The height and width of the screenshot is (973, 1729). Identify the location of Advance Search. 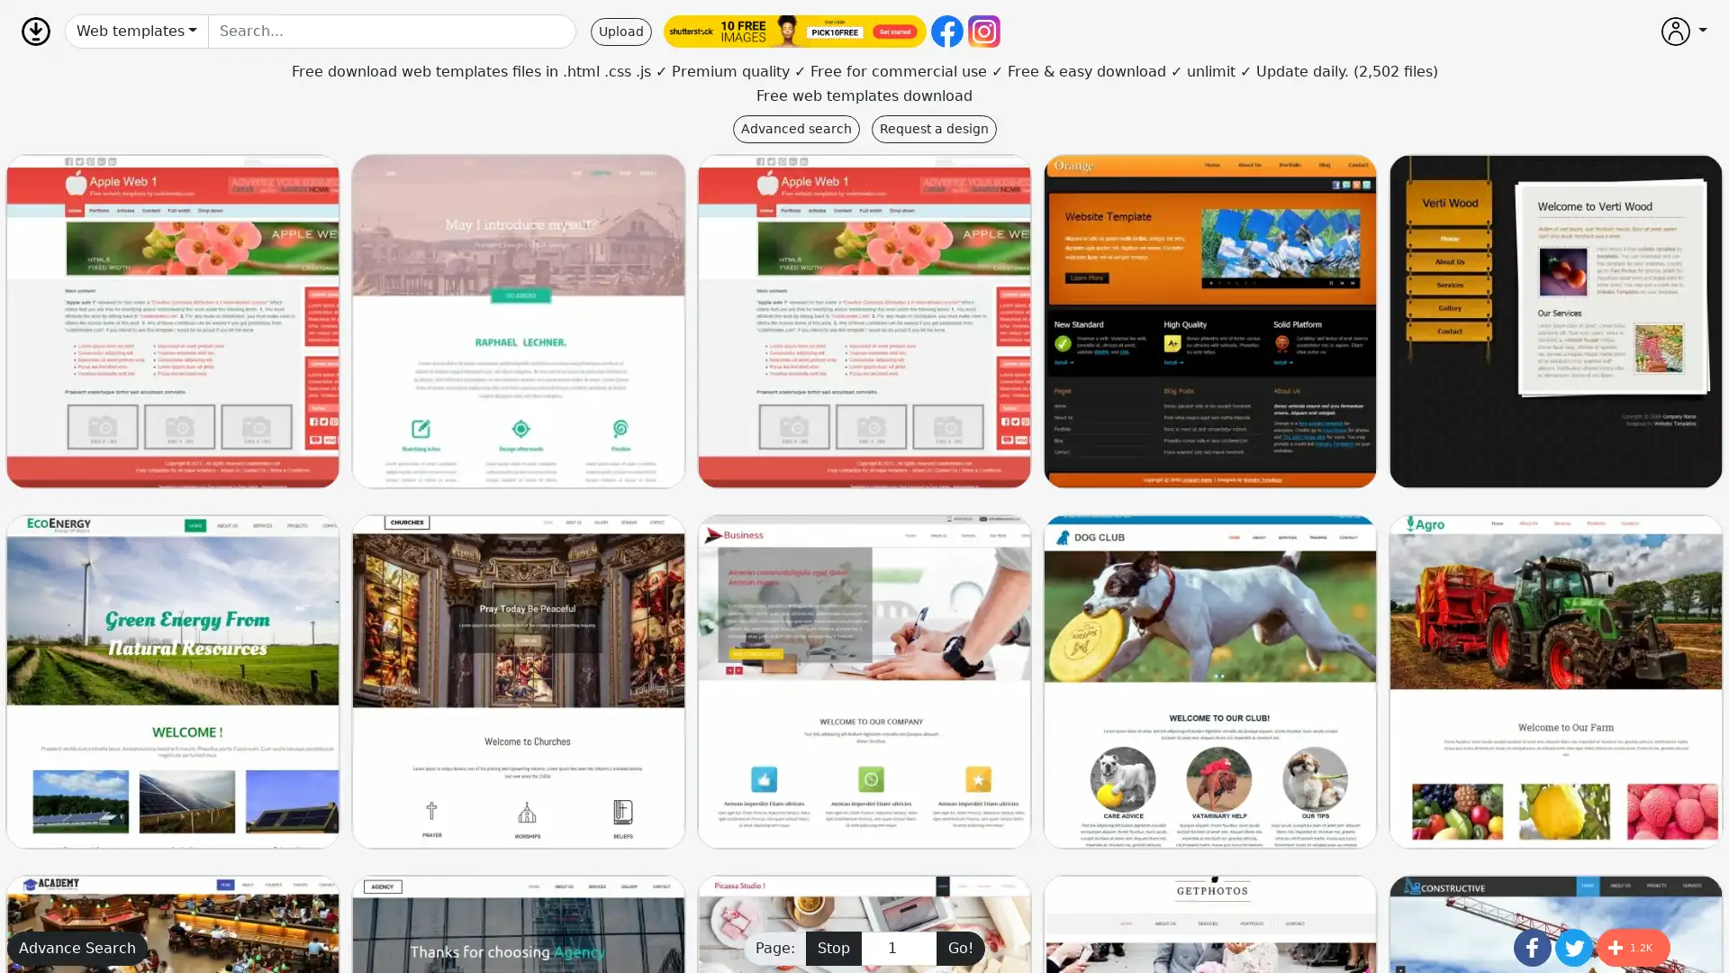
(77, 948).